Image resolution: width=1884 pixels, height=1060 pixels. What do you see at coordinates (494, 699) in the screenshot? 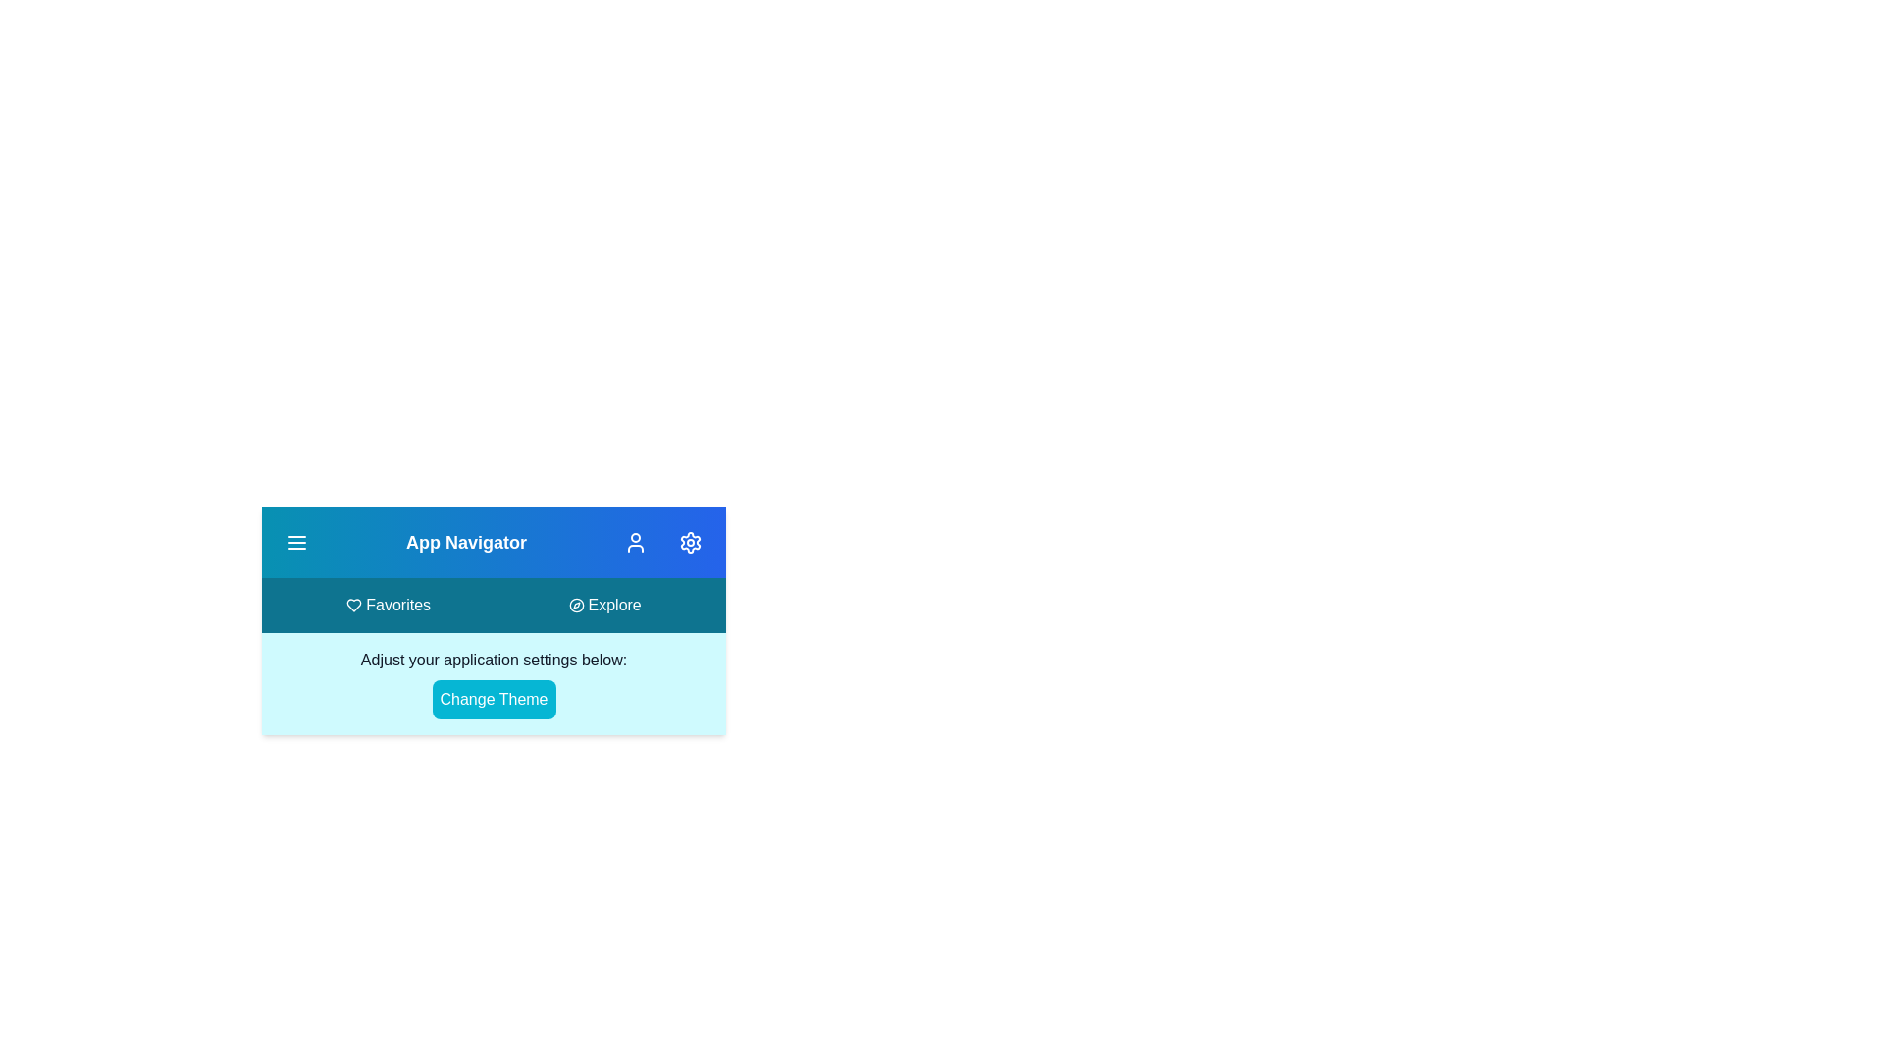
I see `the theme change button located below the text 'Adjust your application settings below:' in the settings panel` at bounding box center [494, 699].